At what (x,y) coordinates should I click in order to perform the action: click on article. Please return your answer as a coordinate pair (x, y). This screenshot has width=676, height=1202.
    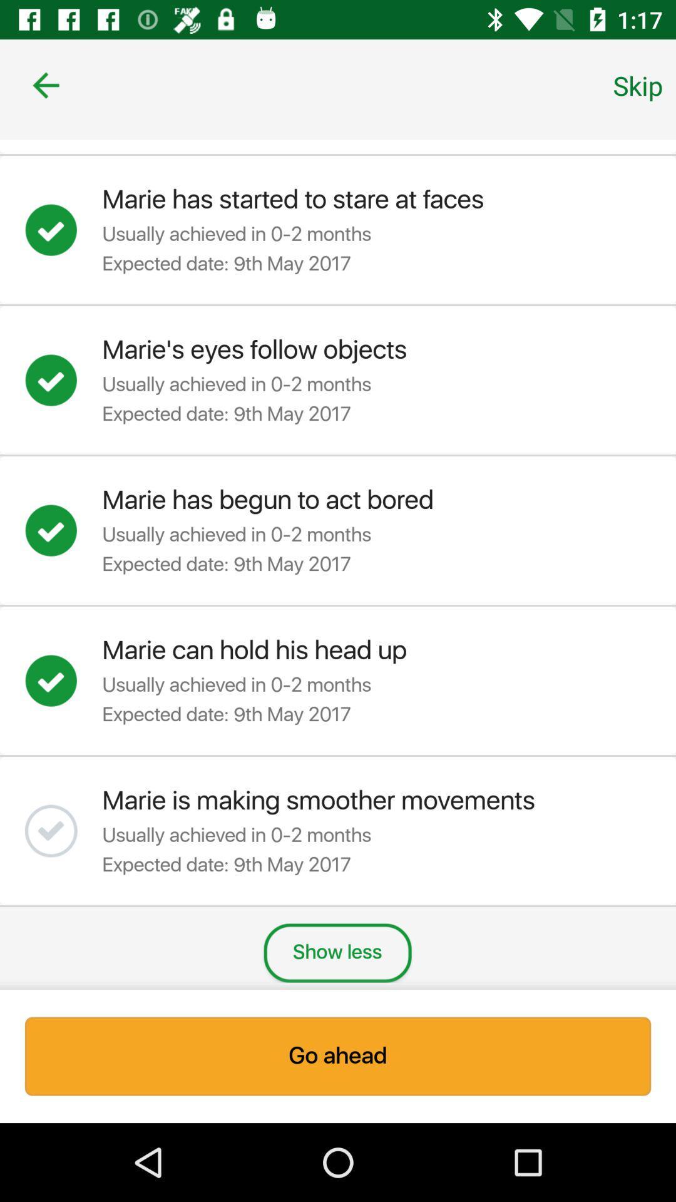
    Looking at the image, I should click on (63, 230).